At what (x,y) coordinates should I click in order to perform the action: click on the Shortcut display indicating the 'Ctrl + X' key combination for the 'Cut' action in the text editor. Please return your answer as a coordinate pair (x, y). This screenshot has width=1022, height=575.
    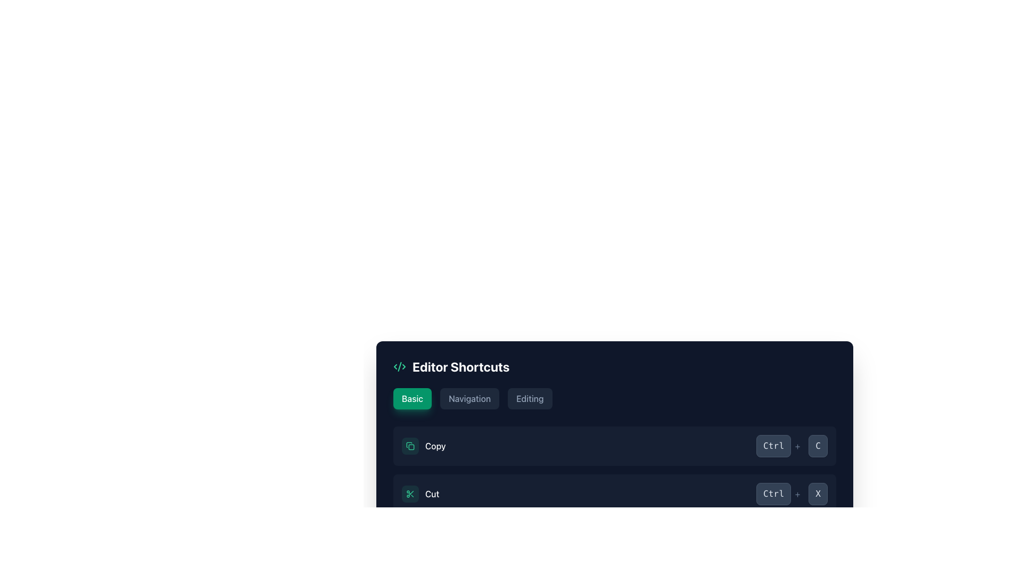
    Looking at the image, I should click on (792, 494).